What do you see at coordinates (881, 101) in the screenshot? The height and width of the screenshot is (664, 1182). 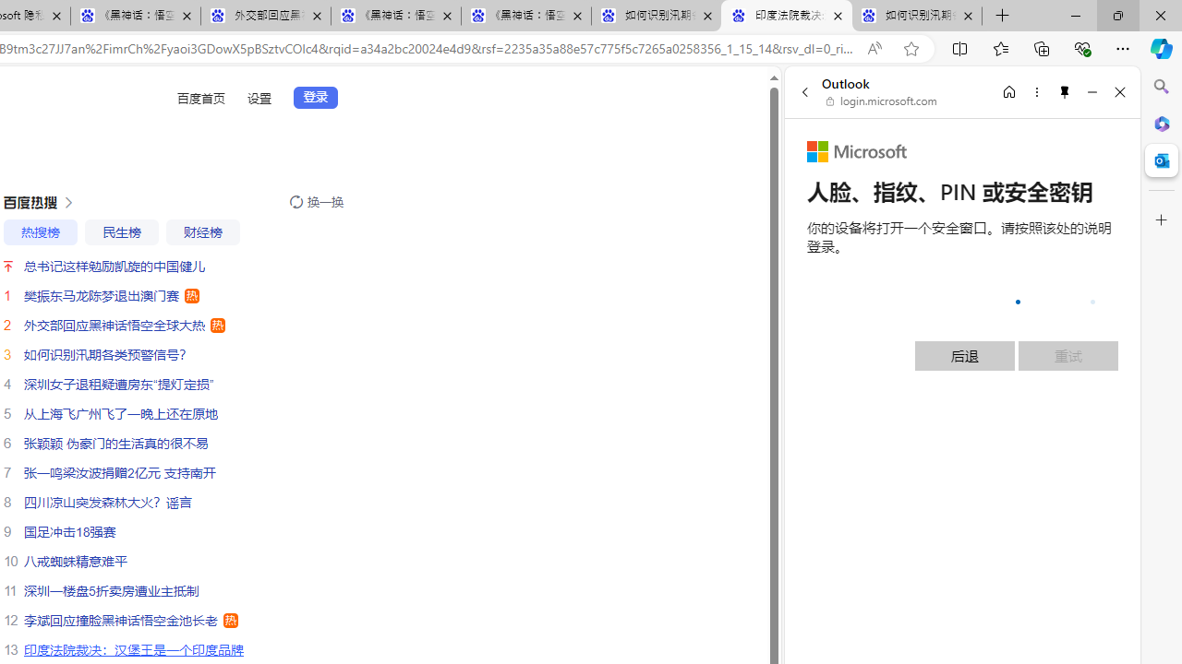 I see `'login.microsoft.com'` at bounding box center [881, 101].